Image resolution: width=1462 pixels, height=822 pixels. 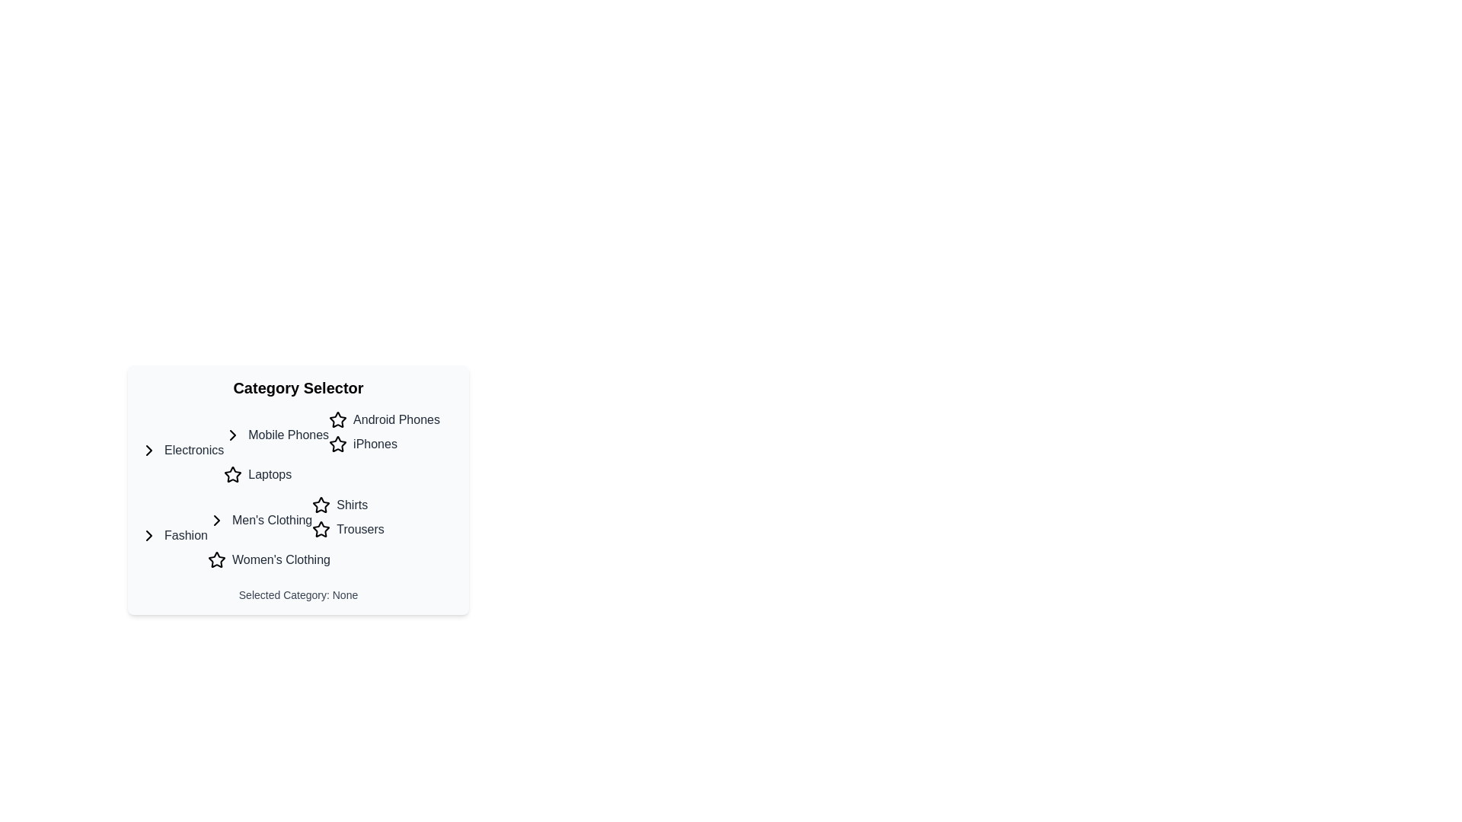 What do you see at coordinates (375, 444) in the screenshot?
I see `the clickable text link related to the 'iPhones' category to change its text color to blue` at bounding box center [375, 444].